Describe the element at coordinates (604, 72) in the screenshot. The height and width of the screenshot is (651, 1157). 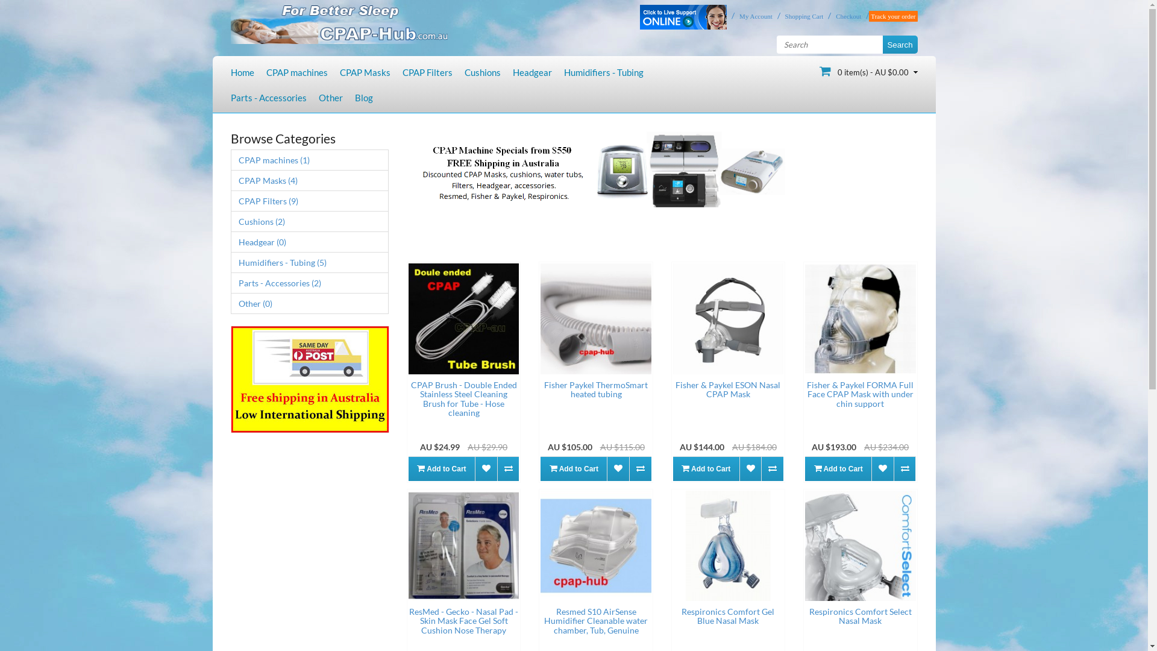
I see `'Humidifiers - Tubing'` at that location.